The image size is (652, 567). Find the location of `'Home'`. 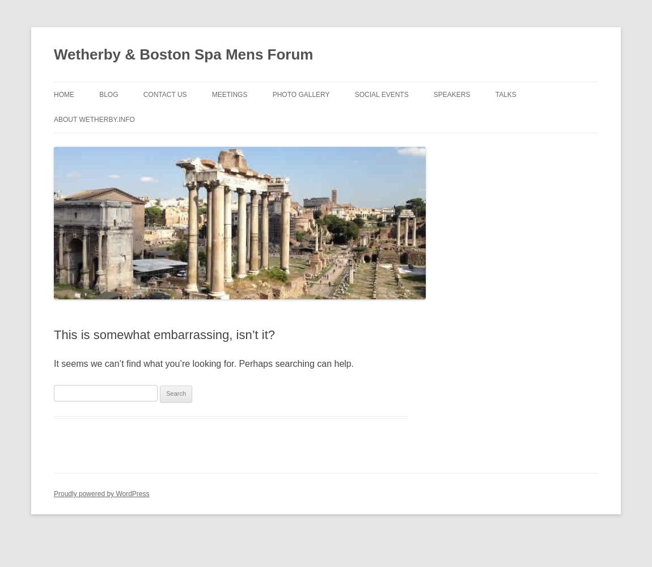

'Home' is located at coordinates (53, 95).